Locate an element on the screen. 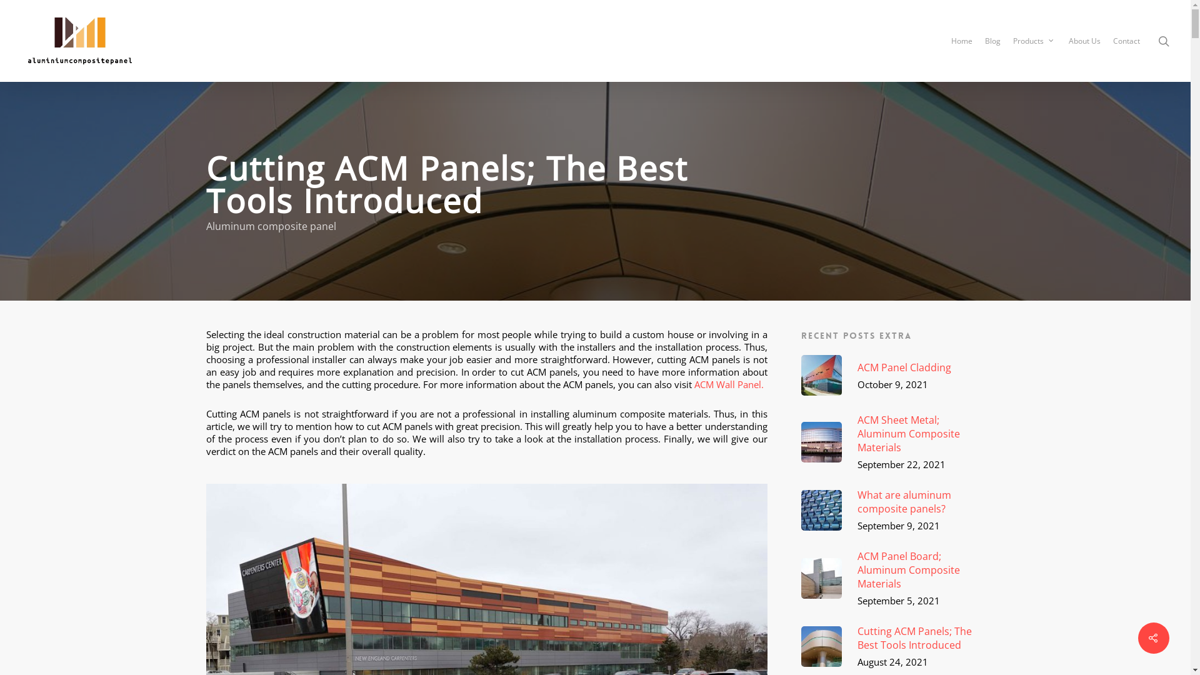 The width and height of the screenshot is (1200, 675). 'What are aluminum composite panels? is located at coordinates (892, 510).